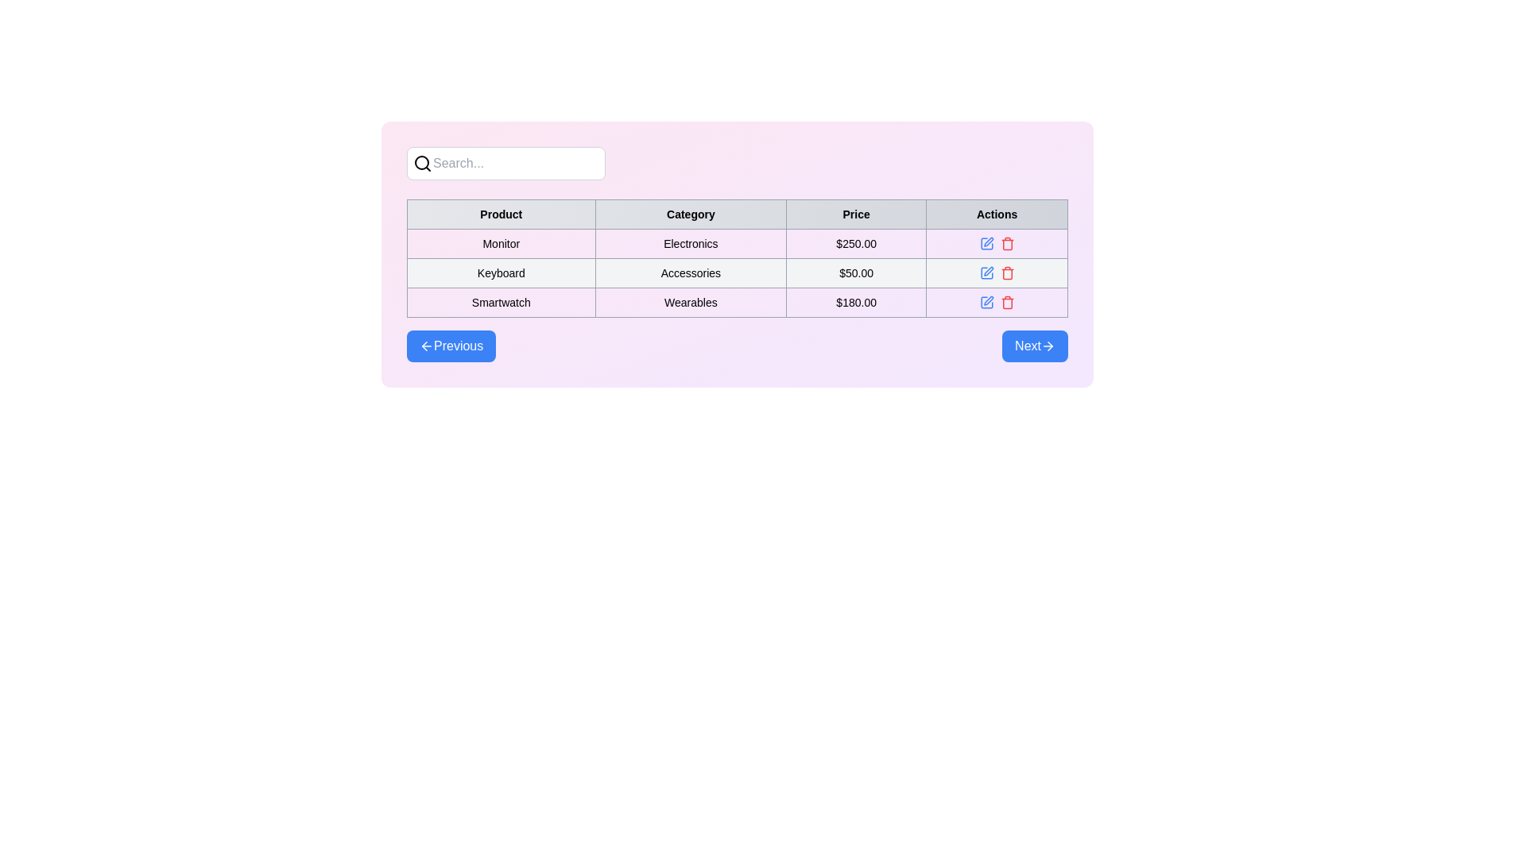 The height and width of the screenshot is (858, 1526). I want to click on the label indicating the product name 'Monitor' in the first column of the product table, so click(500, 244).